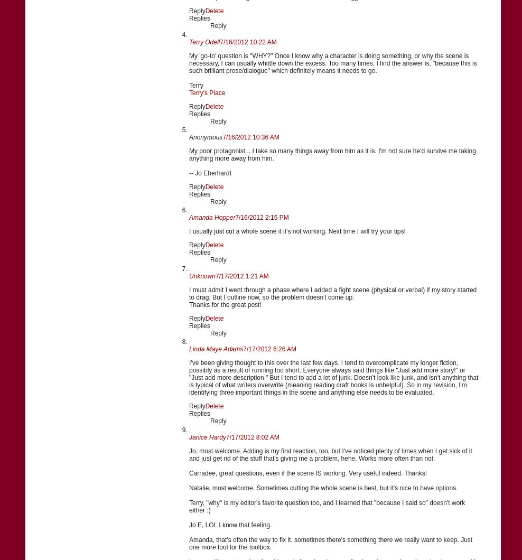 This screenshot has height=560, width=522. What do you see at coordinates (211, 217) in the screenshot?
I see `'Amanda Hopper'` at bounding box center [211, 217].